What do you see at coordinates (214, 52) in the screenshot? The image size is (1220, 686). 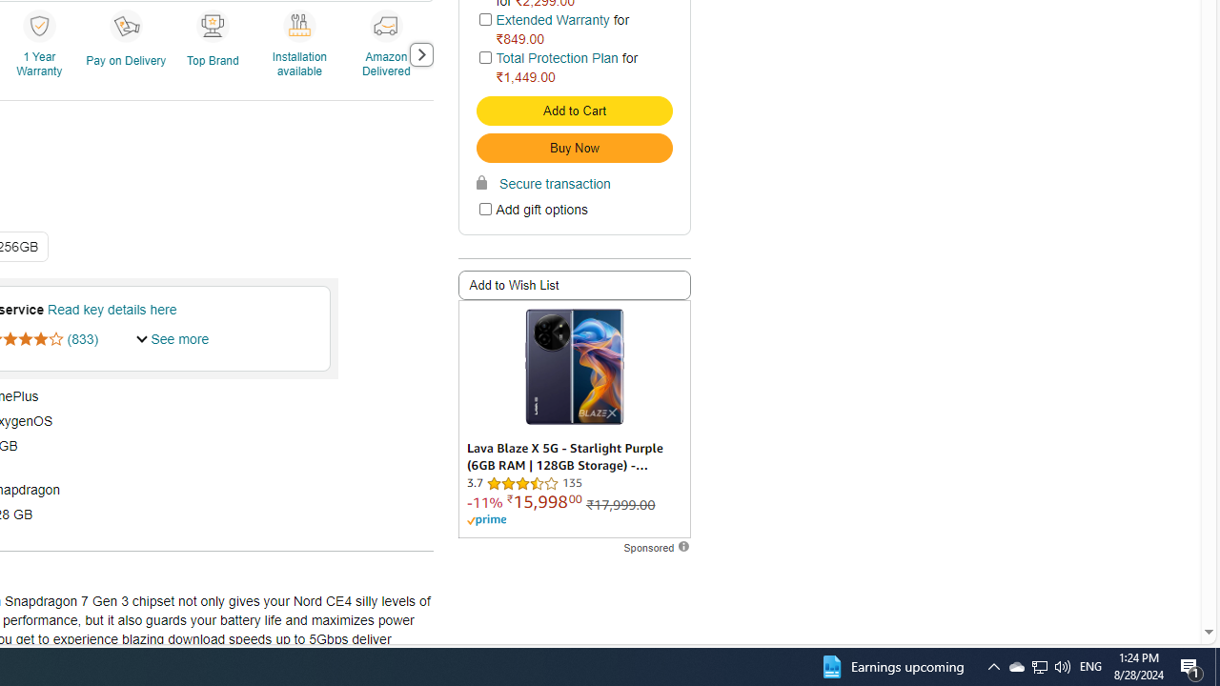 I see `'Top Brand'` at bounding box center [214, 52].